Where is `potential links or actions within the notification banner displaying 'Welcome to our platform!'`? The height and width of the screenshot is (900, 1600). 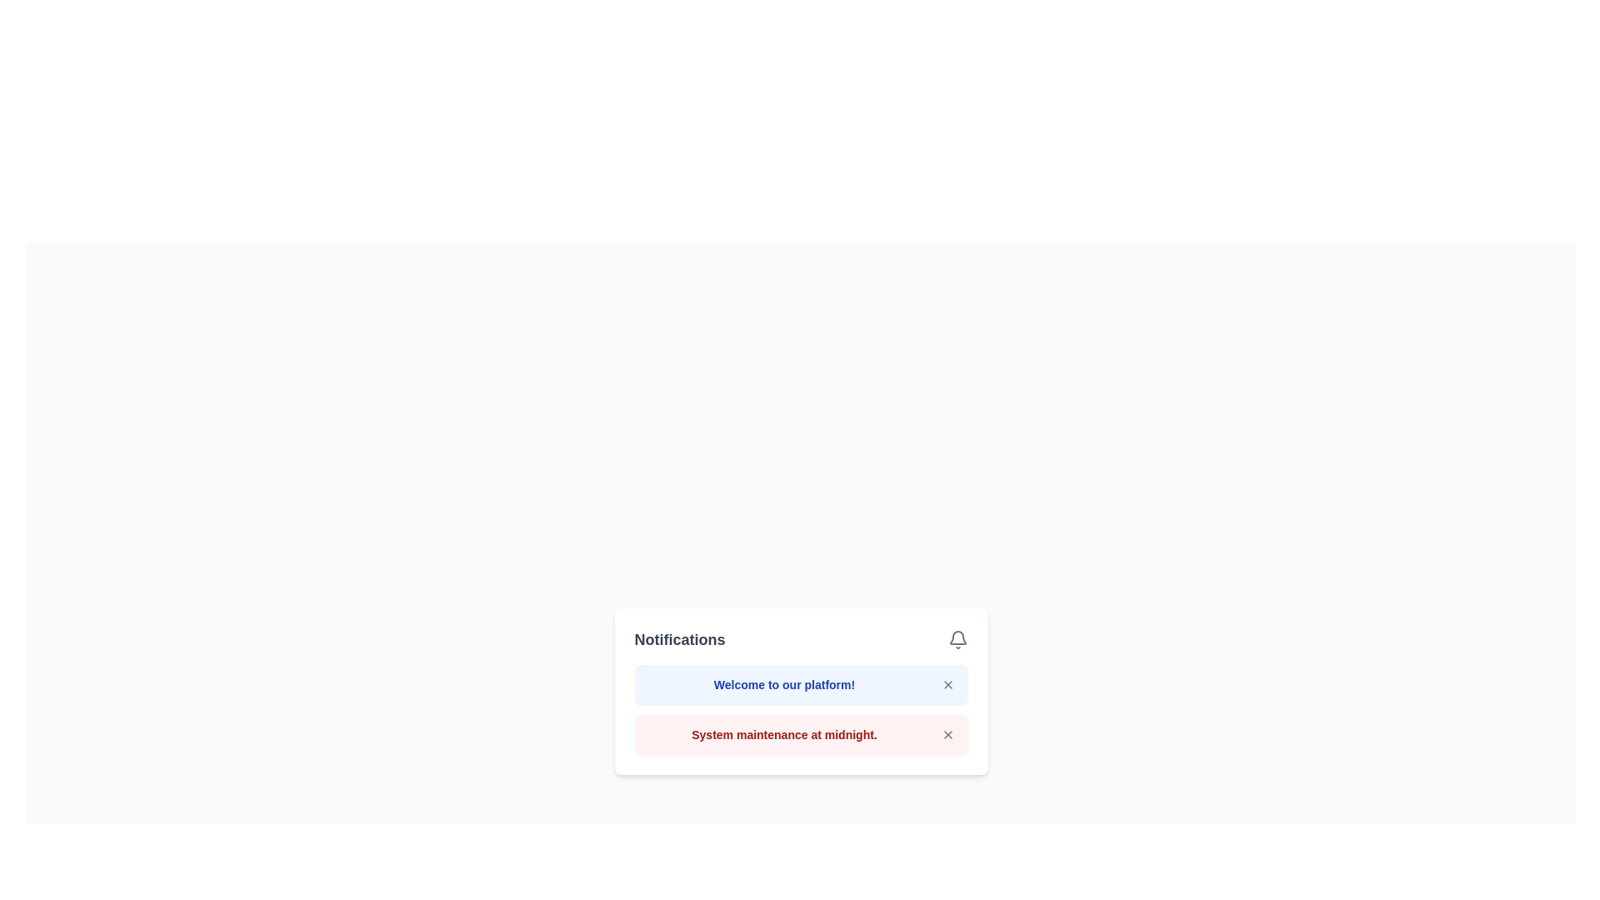
potential links or actions within the notification banner displaying 'Welcome to our platform!' is located at coordinates (801, 684).